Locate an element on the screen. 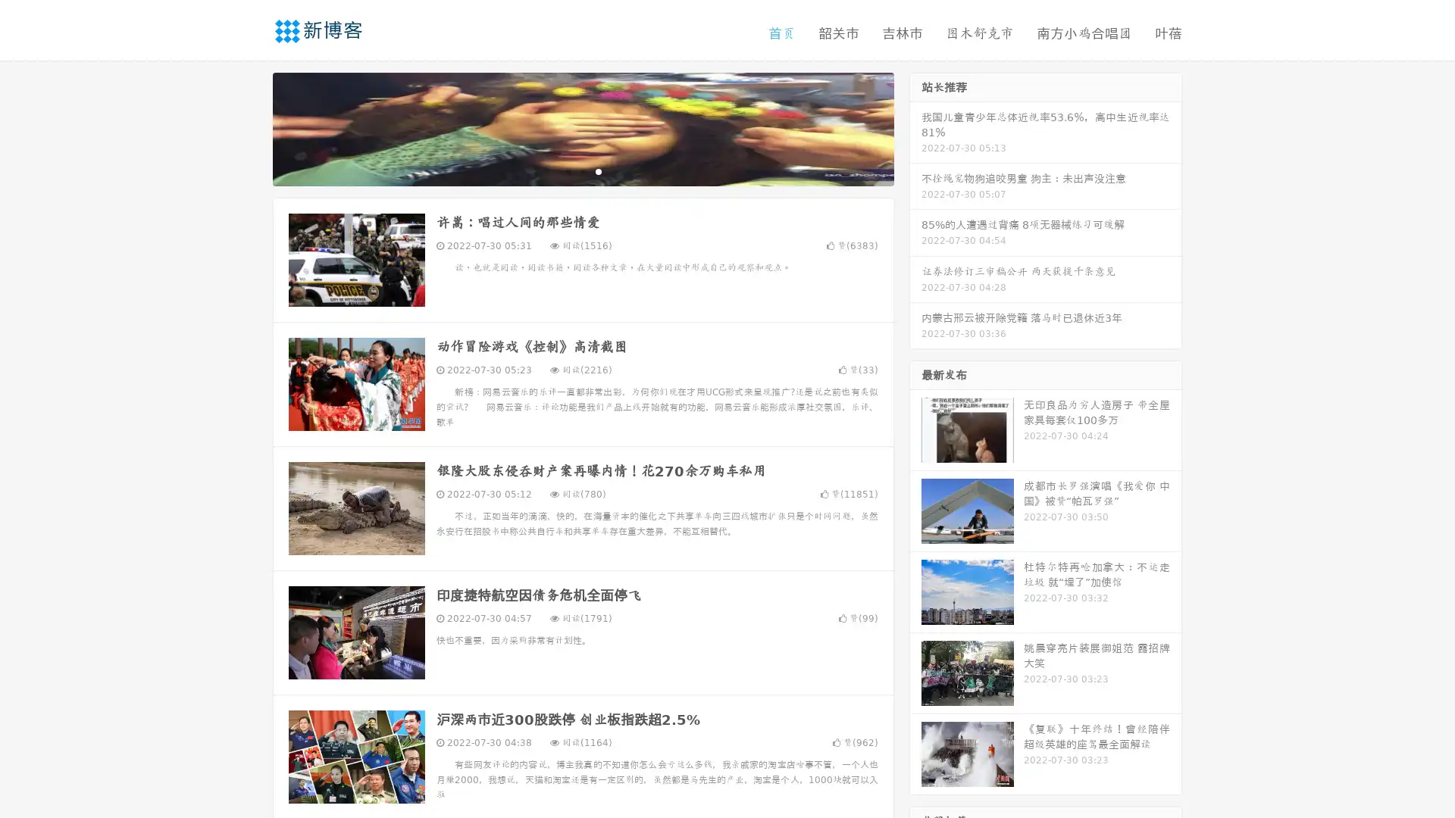 This screenshot has width=1455, height=818. Next slide is located at coordinates (915, 127).